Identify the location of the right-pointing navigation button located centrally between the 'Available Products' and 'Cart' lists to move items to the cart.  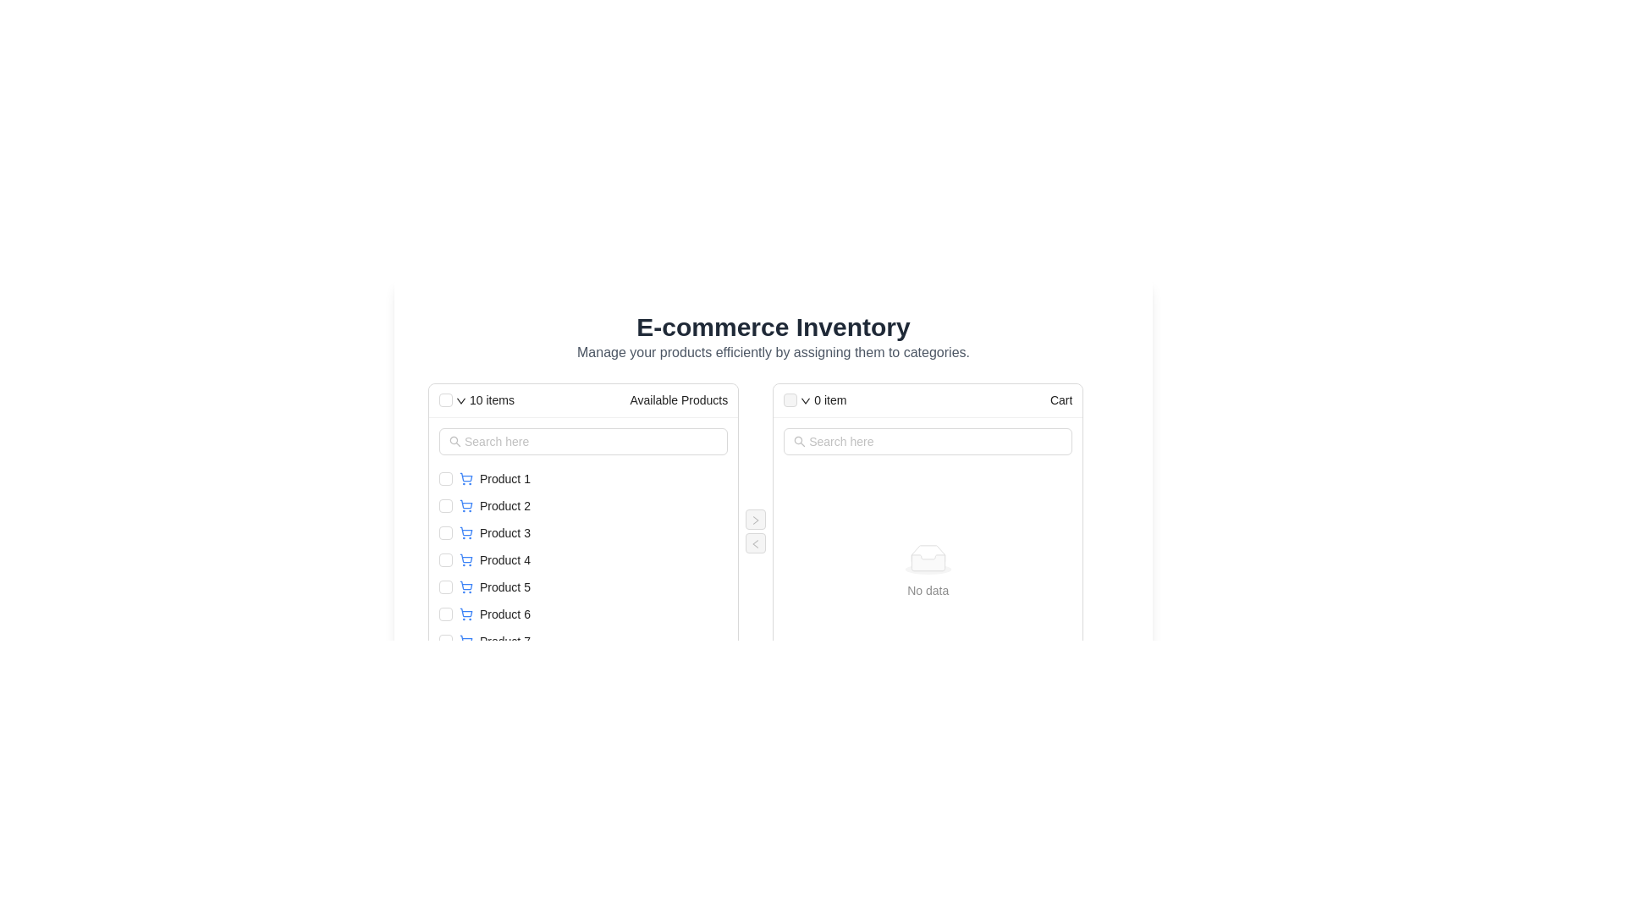
(755, 518).